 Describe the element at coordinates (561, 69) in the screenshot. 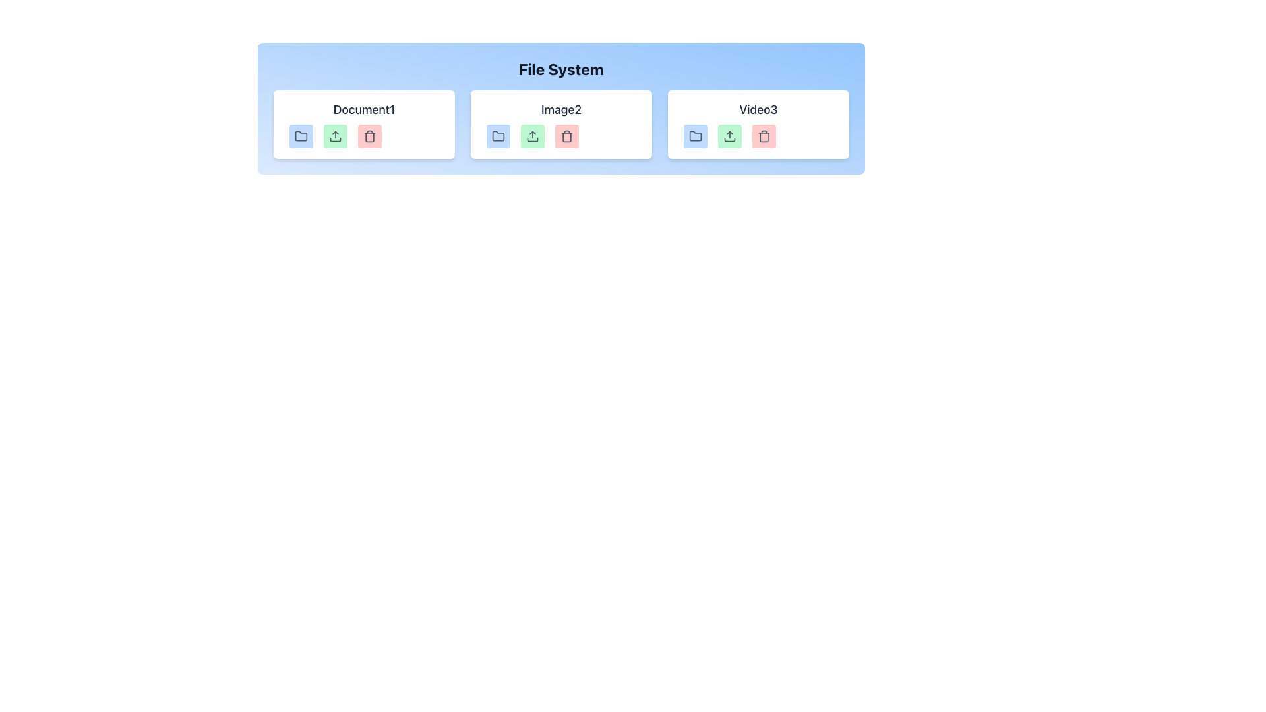

I see `the 'File System' text label, which is a bold and large-sized component styled with a dark font on a blue gradient background, located at the top-center of its section` at that location.